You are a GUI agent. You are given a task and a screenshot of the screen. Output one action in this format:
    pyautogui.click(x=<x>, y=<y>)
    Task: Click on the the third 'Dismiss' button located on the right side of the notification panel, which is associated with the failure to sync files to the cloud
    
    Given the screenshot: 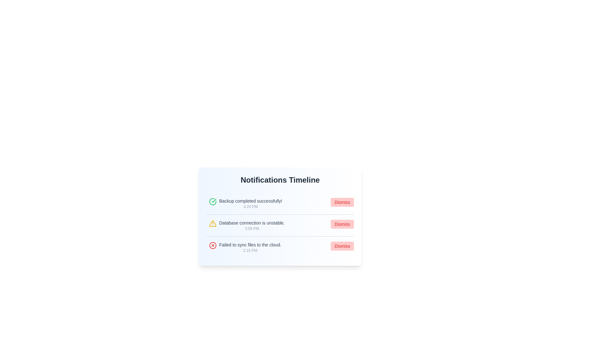 What is the action you would take?
    pyautogui.click(x=342, y=246)
    